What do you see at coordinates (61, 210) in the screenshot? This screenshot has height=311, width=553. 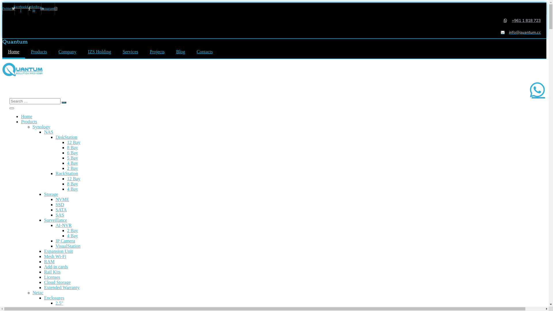 I see `'SATA'` at bounding box center [61, 210].